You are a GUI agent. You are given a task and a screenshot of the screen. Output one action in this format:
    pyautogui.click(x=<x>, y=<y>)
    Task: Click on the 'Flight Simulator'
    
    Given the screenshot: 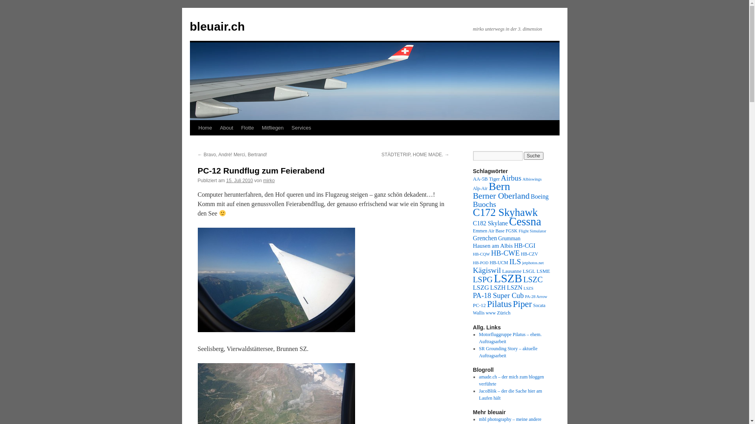 What is the action you would take?
    pyautogui.click(x=532, y=230)
    